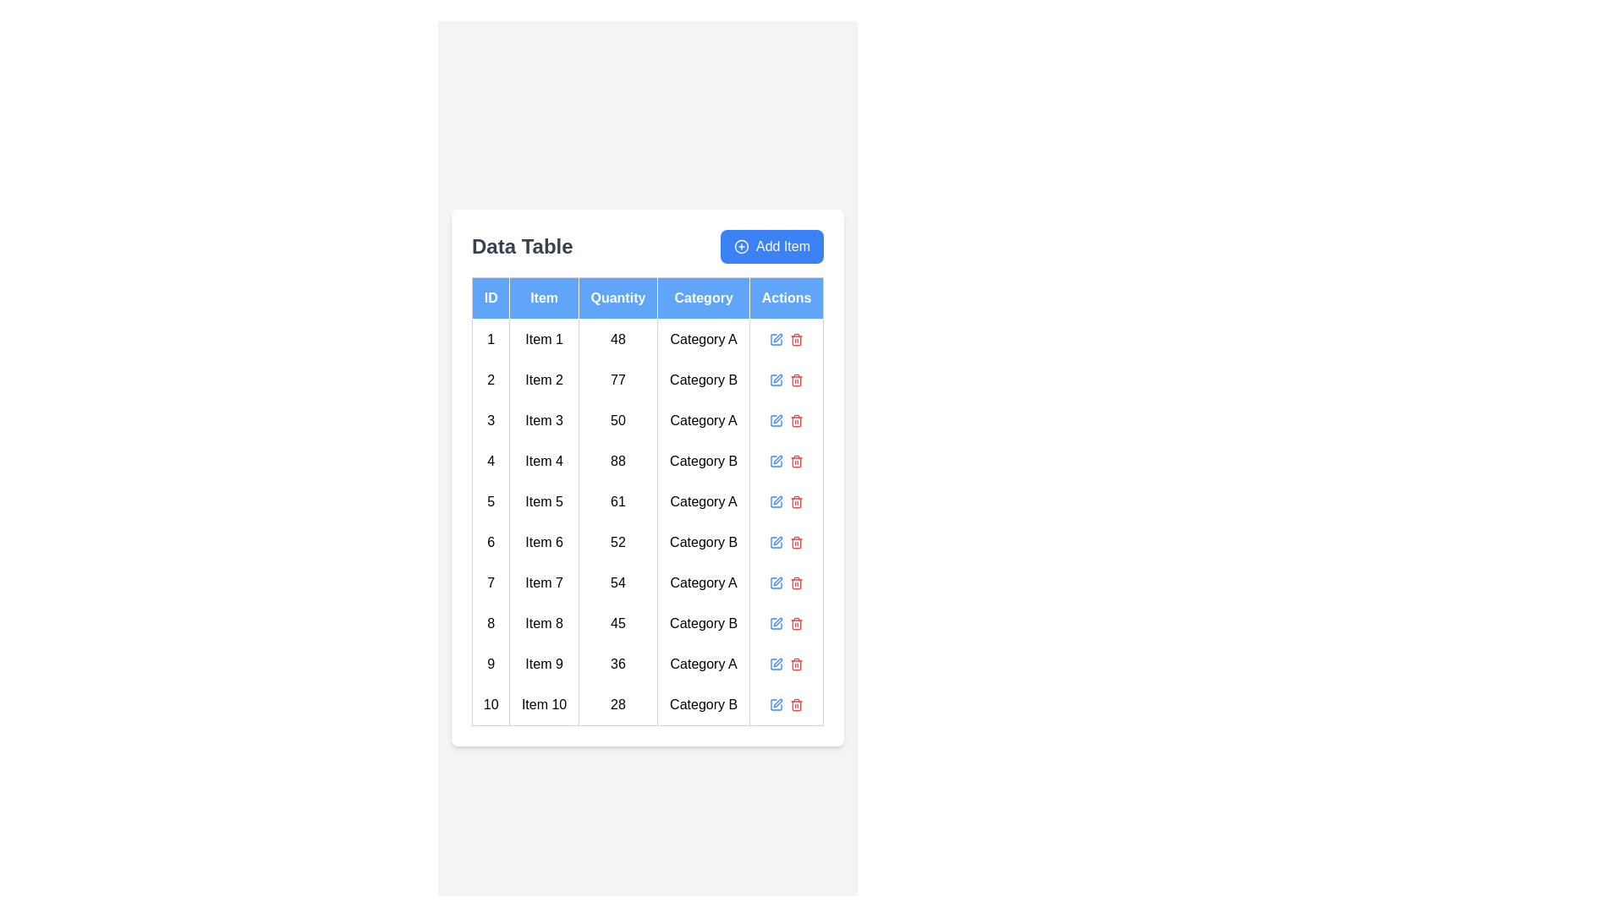 The width and height of the screenshot is (1624, 913). I want to click on the blue icon in the Horizontal button group for the first row of the data table, so click(786, 339).